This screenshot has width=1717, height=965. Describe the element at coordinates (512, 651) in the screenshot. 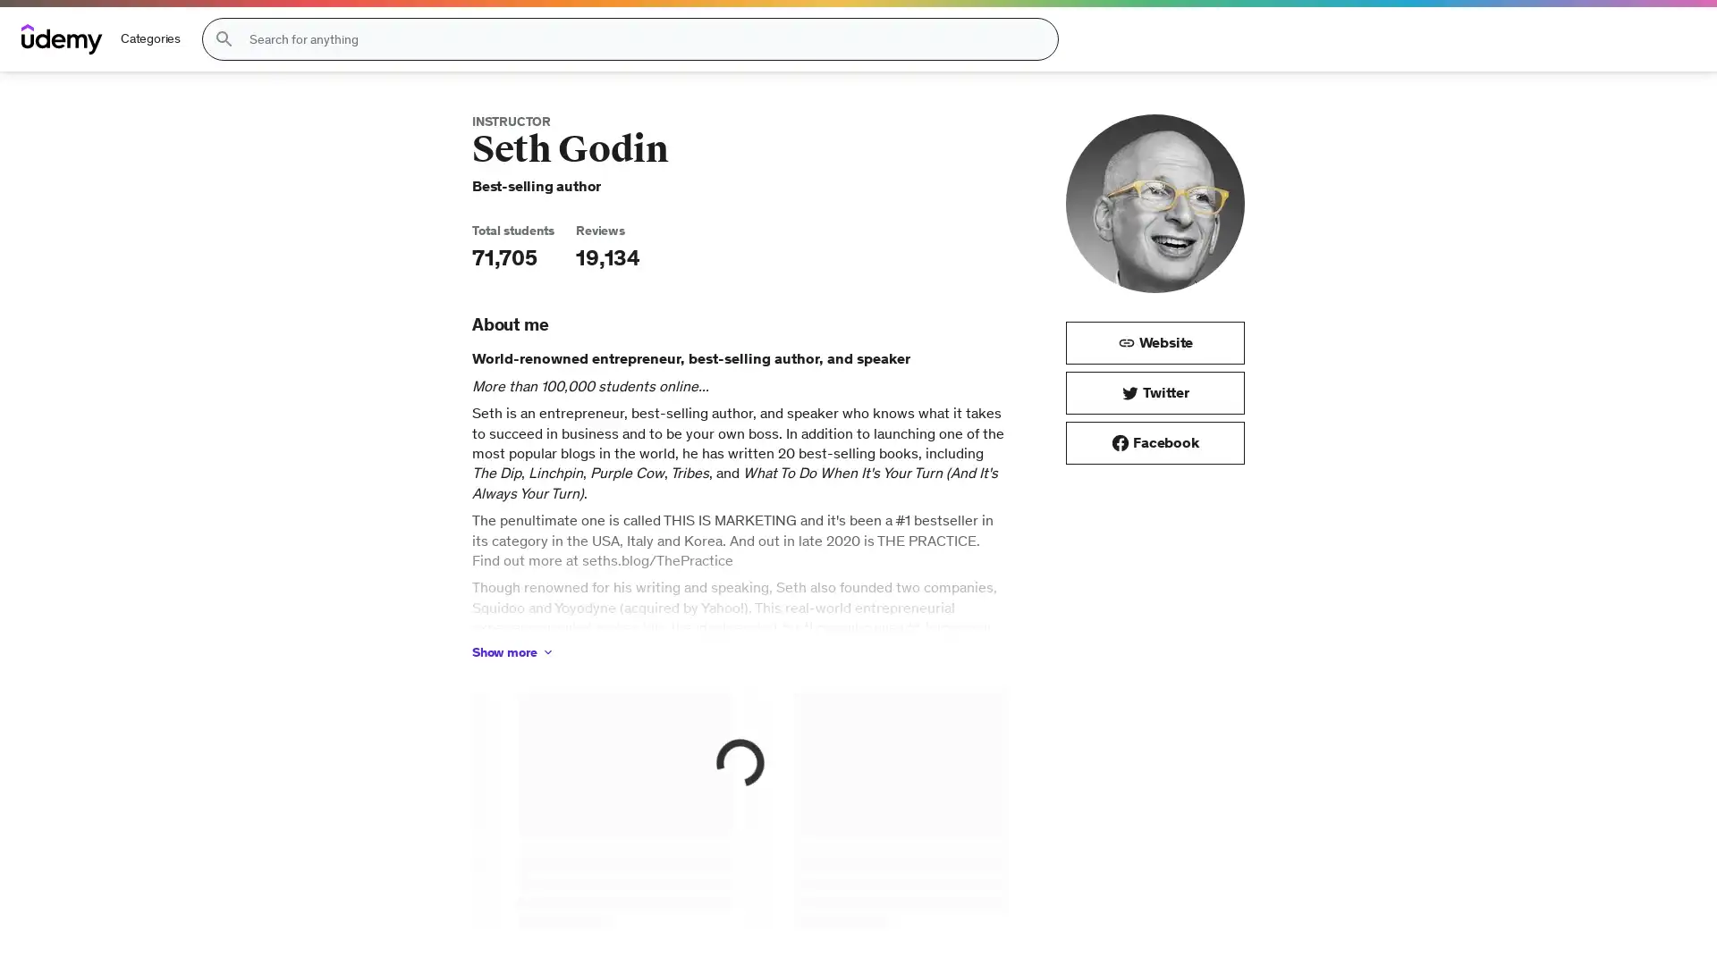

I see `Show more` at that location.